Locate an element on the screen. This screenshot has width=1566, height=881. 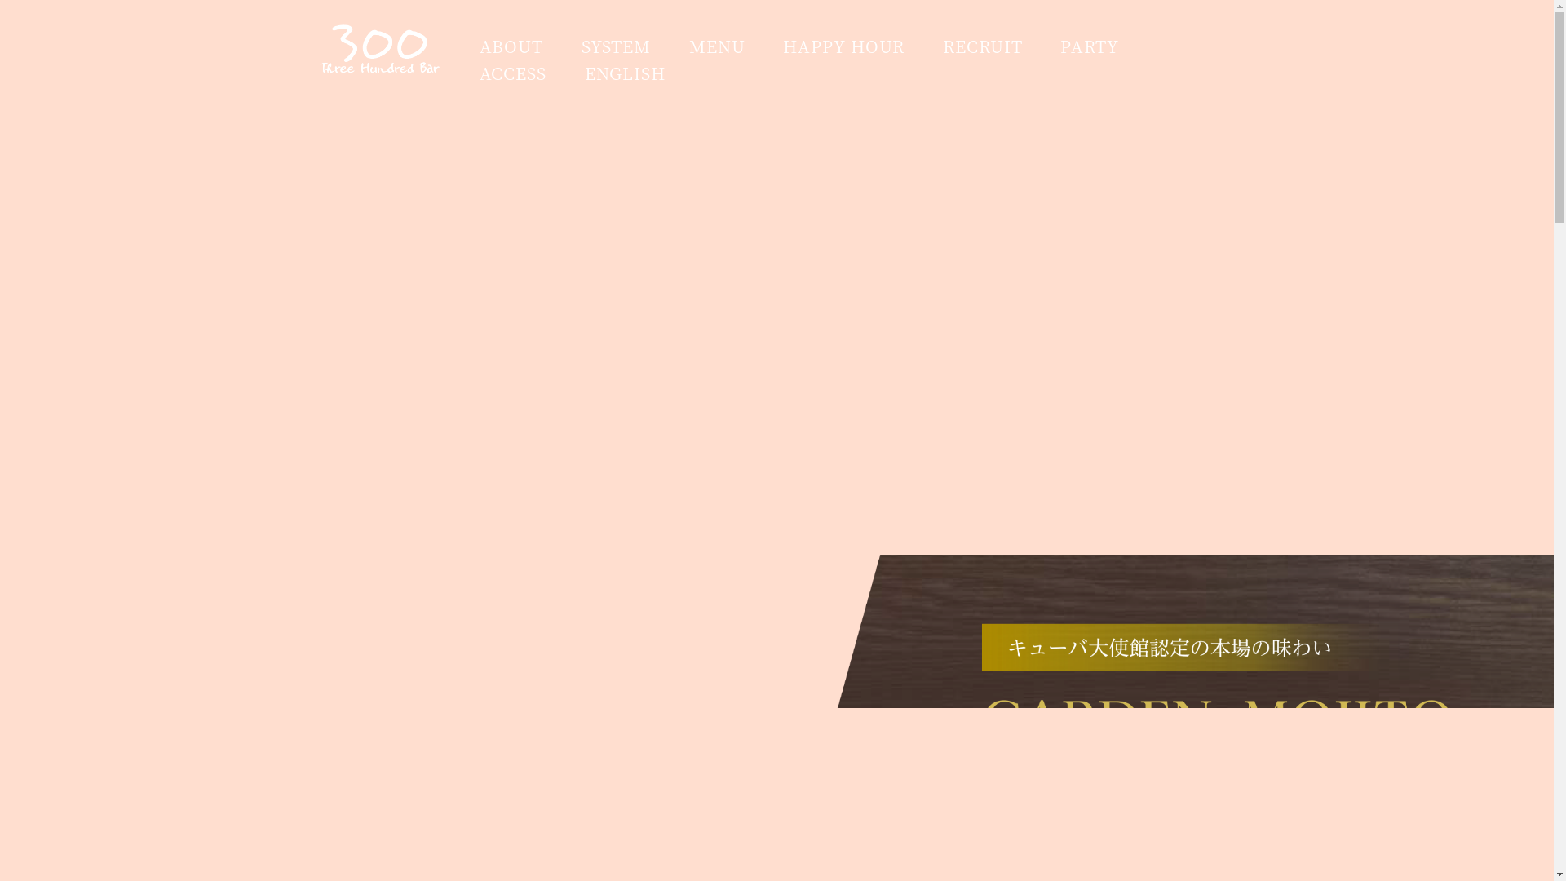
'PARTY' is located at coordinates (1089, 46).